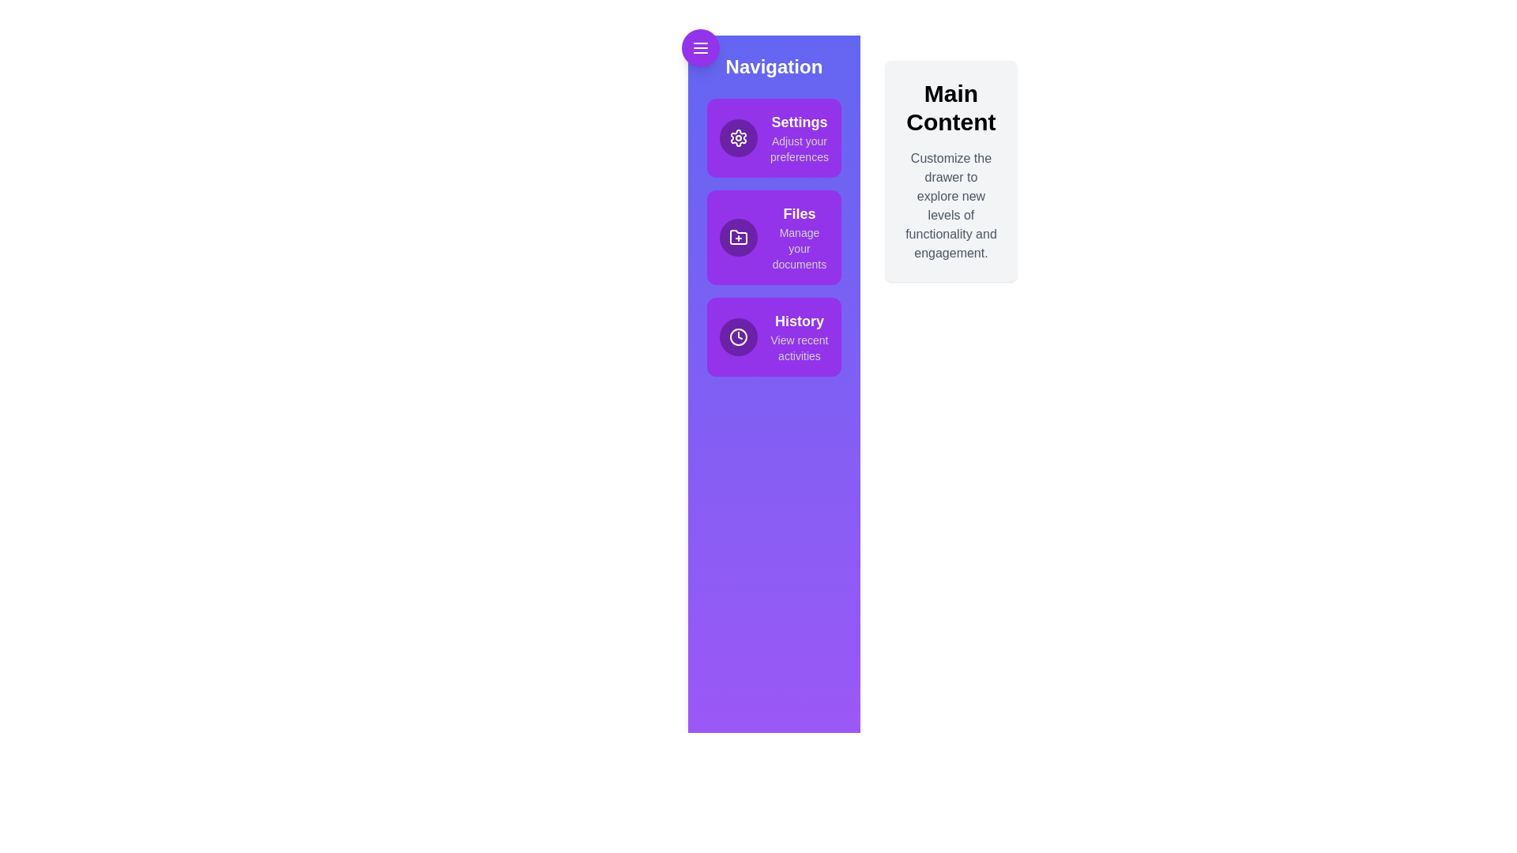  Describe the element at coordinates (774, 137) in the screenshot. I see `the menu item Settings to observe its hover effect` at that location.